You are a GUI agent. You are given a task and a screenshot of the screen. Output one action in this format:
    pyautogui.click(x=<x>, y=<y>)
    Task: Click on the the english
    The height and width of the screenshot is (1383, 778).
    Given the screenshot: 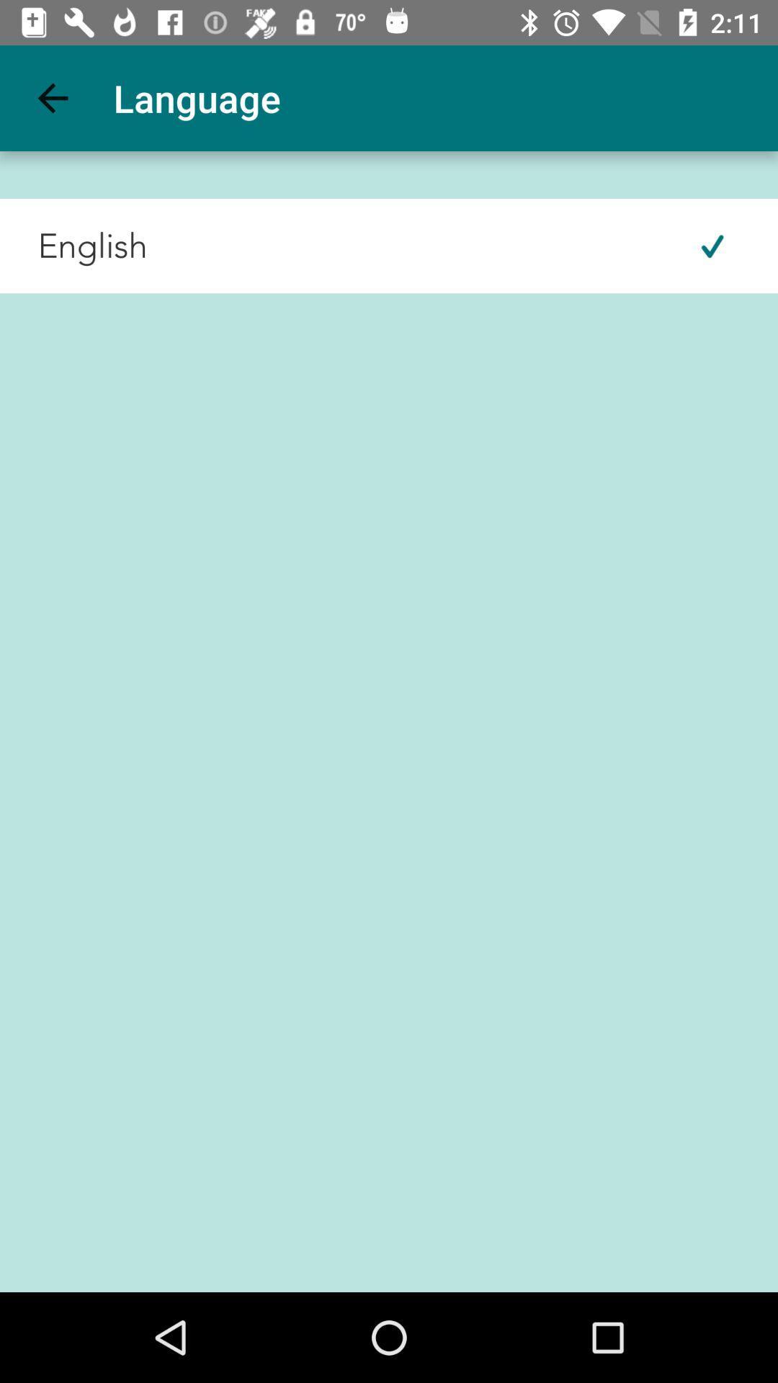 What is the action you would take?
    pyautogui.click(x=73, y=246)
    